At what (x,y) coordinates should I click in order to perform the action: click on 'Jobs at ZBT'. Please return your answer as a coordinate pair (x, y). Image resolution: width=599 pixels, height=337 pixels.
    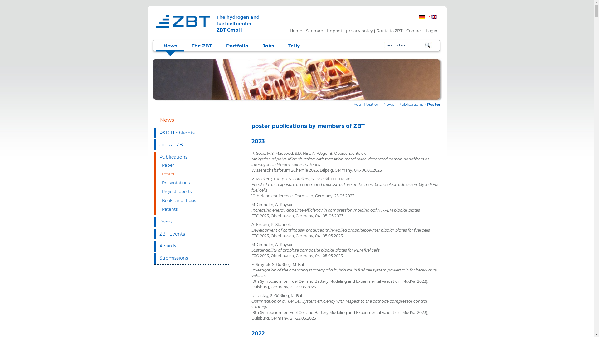
    Looking at the image, I should click on (189, 145).